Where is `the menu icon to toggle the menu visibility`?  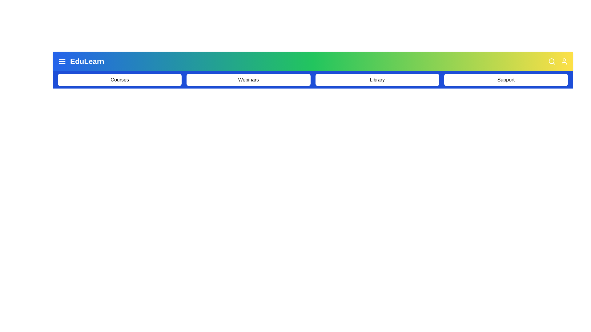 the menu icon to toggle the menu visibility is located at coordinates (62, 61).